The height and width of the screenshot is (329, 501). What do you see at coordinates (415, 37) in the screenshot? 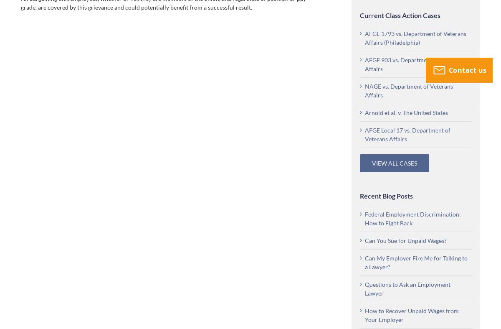
I see `'AFGE 1793 vs. Department of Veterans Affairs (Philadelphia)'` at bounding box center [415, 37].